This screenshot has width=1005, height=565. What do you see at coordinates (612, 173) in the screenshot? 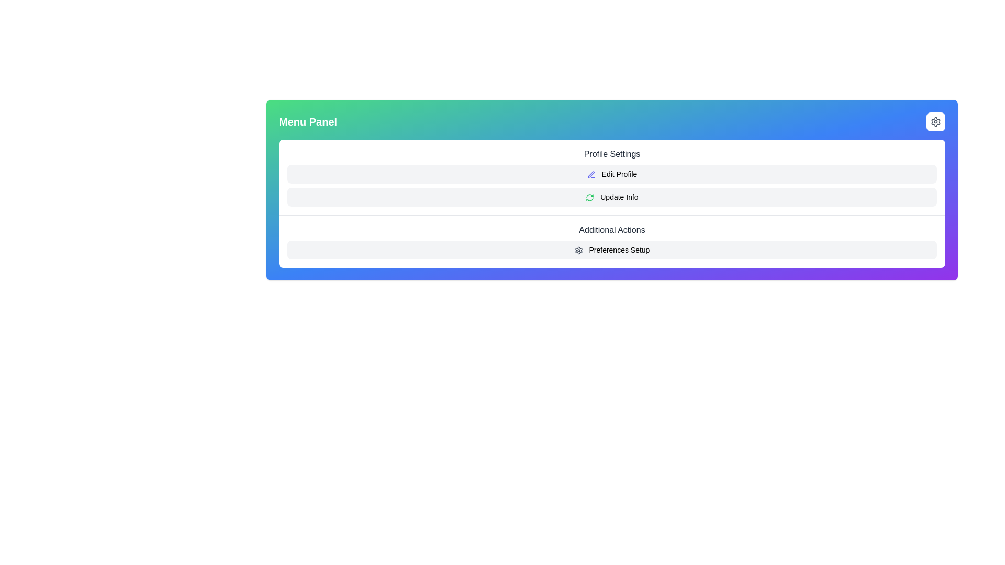
I see `the 'Edit Profile' button located in the 'Profile Settings' section of the 'Menu Panel'` at bounding box center [612, 173].